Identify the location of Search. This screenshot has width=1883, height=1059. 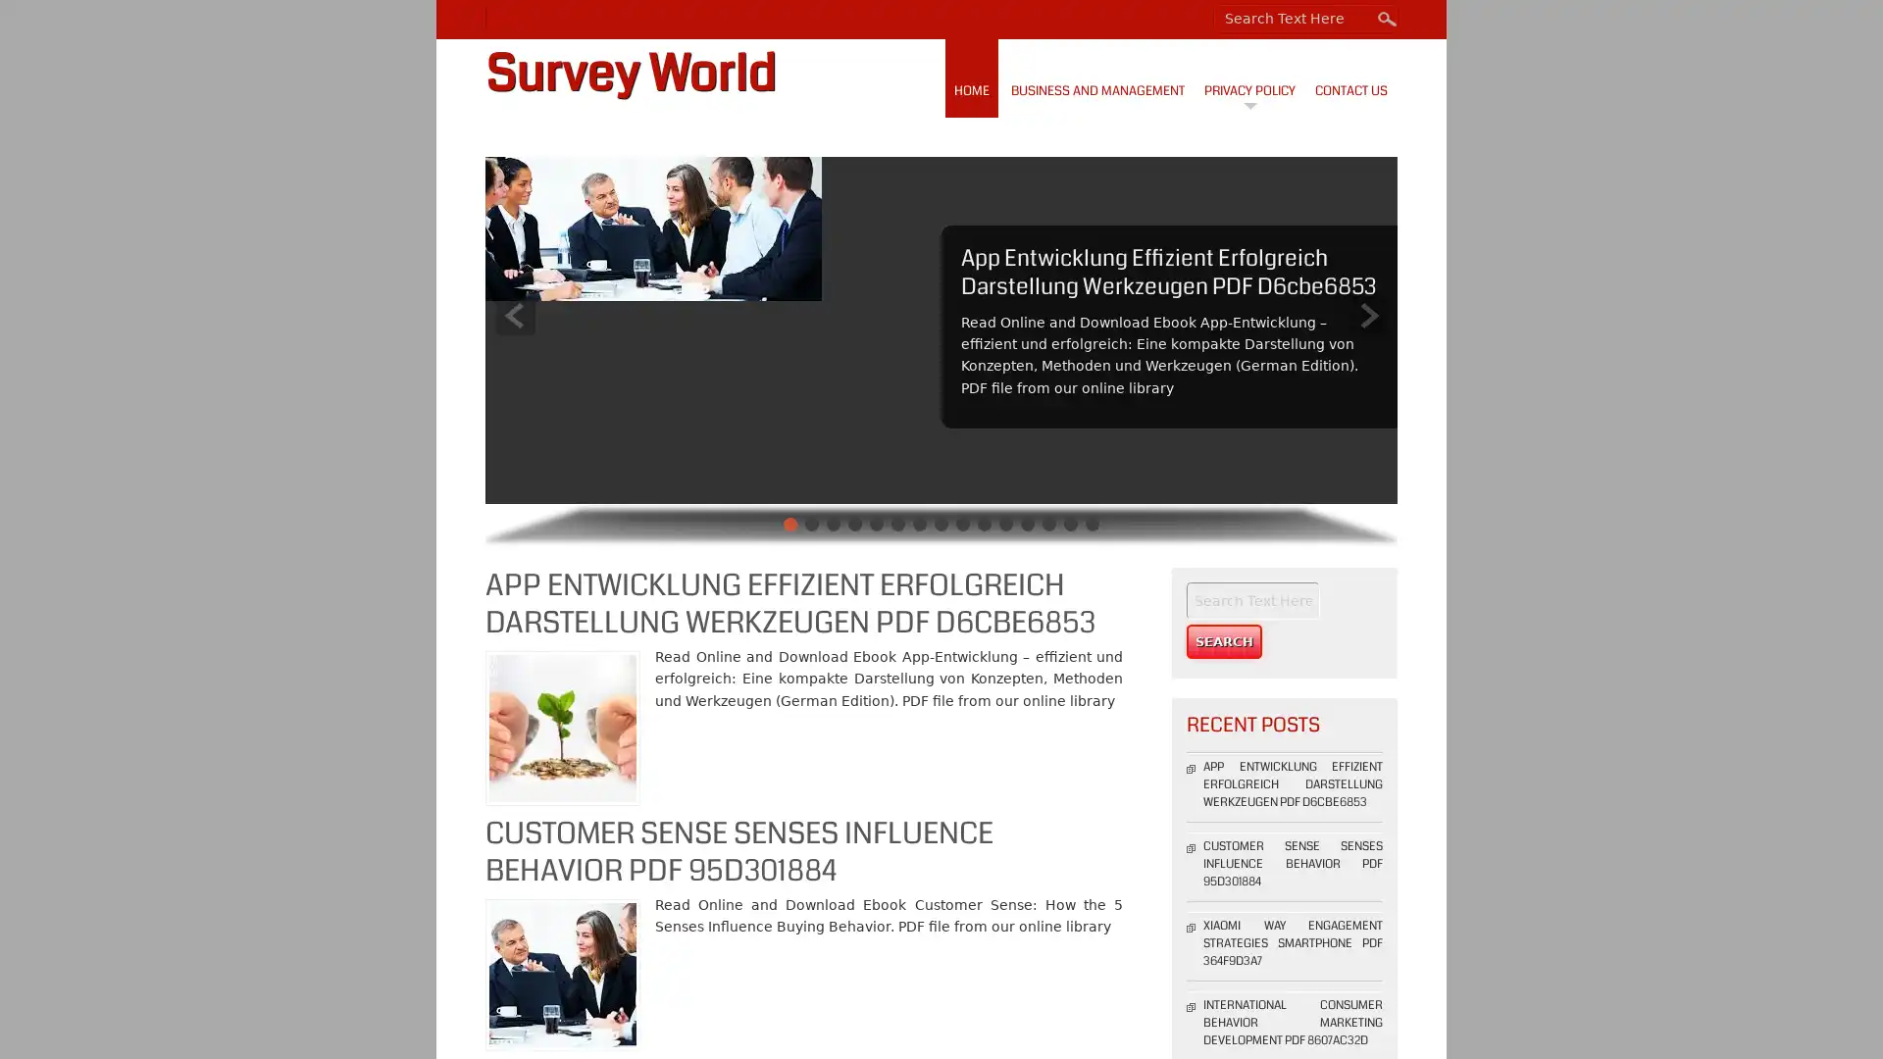
(1223, 641).